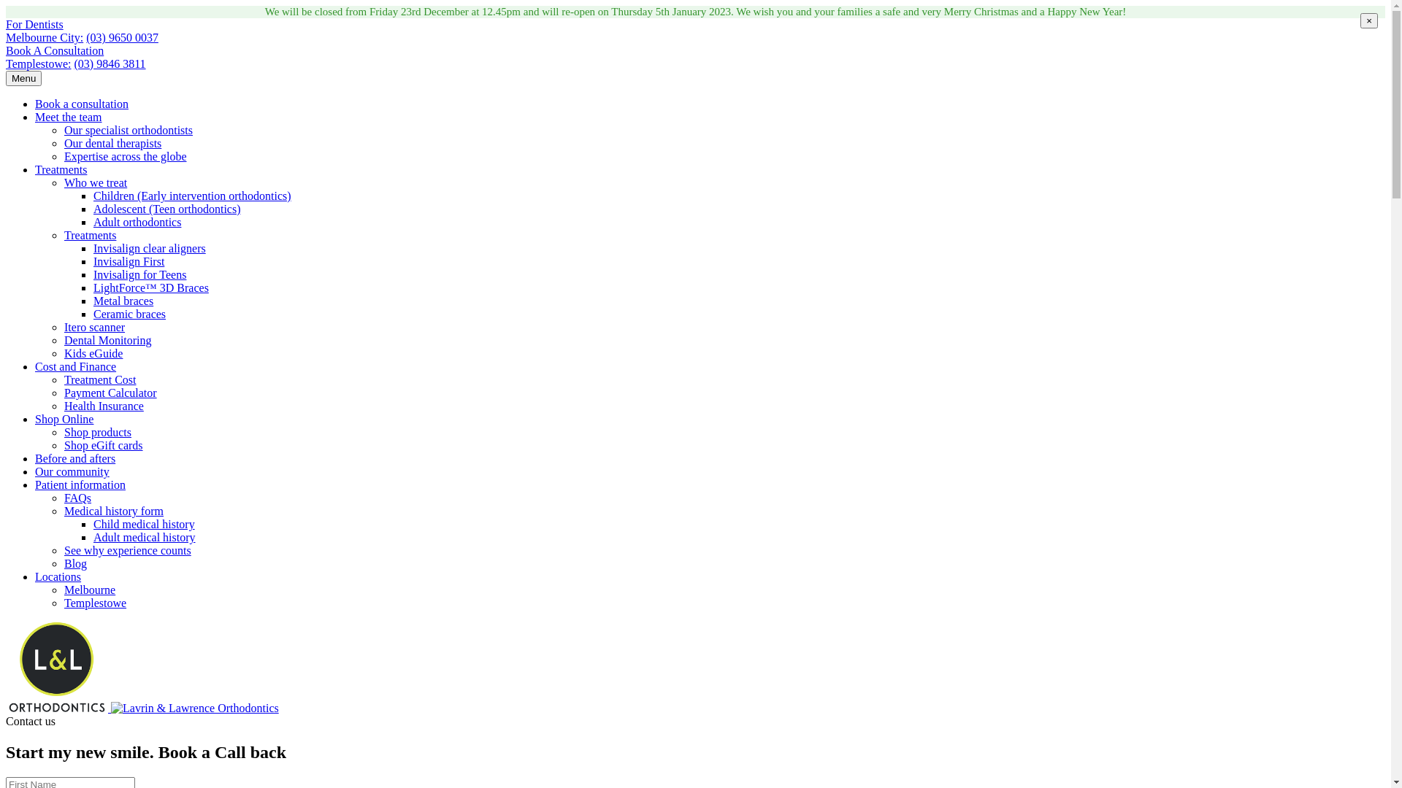 The width and height of the screenshot is (1402, 788). I want to click on '(03) 9846 3811', so click(109, 63).